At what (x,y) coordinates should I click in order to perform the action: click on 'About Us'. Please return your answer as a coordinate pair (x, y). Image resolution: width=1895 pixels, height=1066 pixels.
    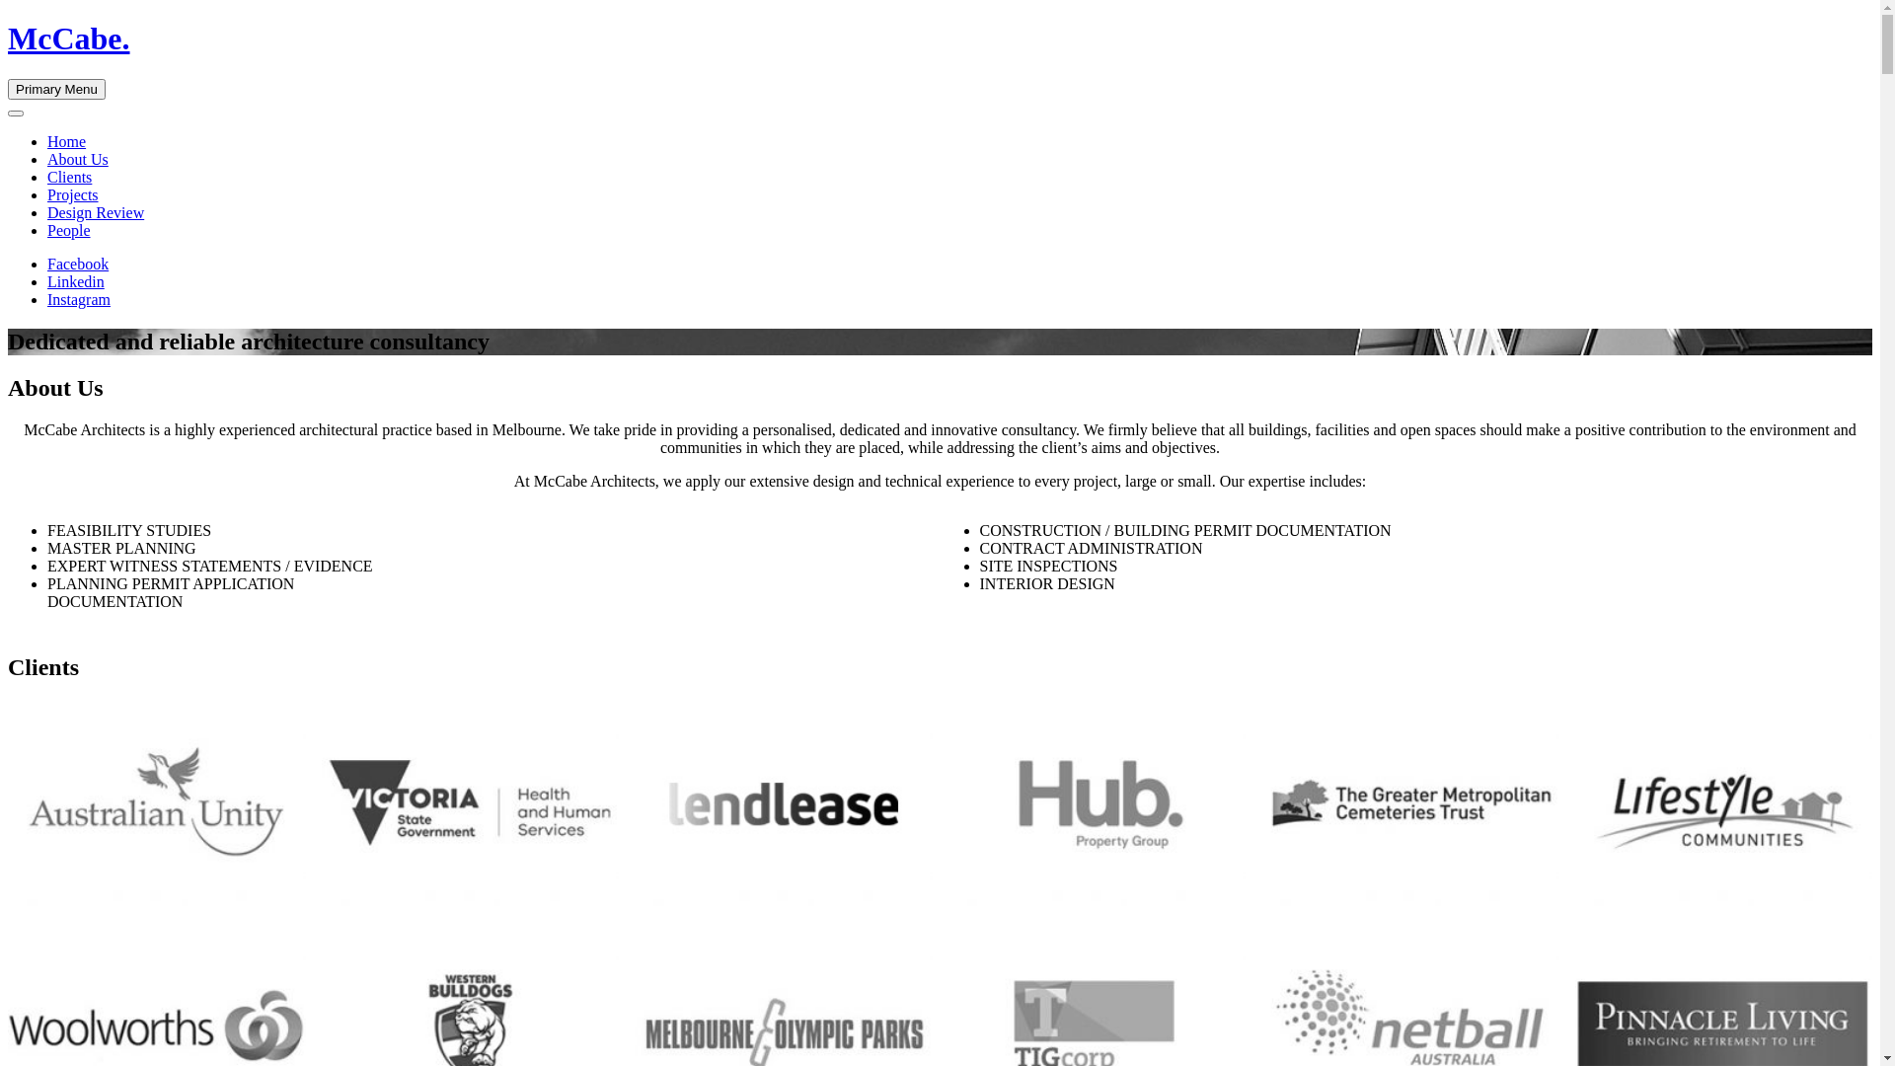
    Looking at the image, I should click on (77, 158).